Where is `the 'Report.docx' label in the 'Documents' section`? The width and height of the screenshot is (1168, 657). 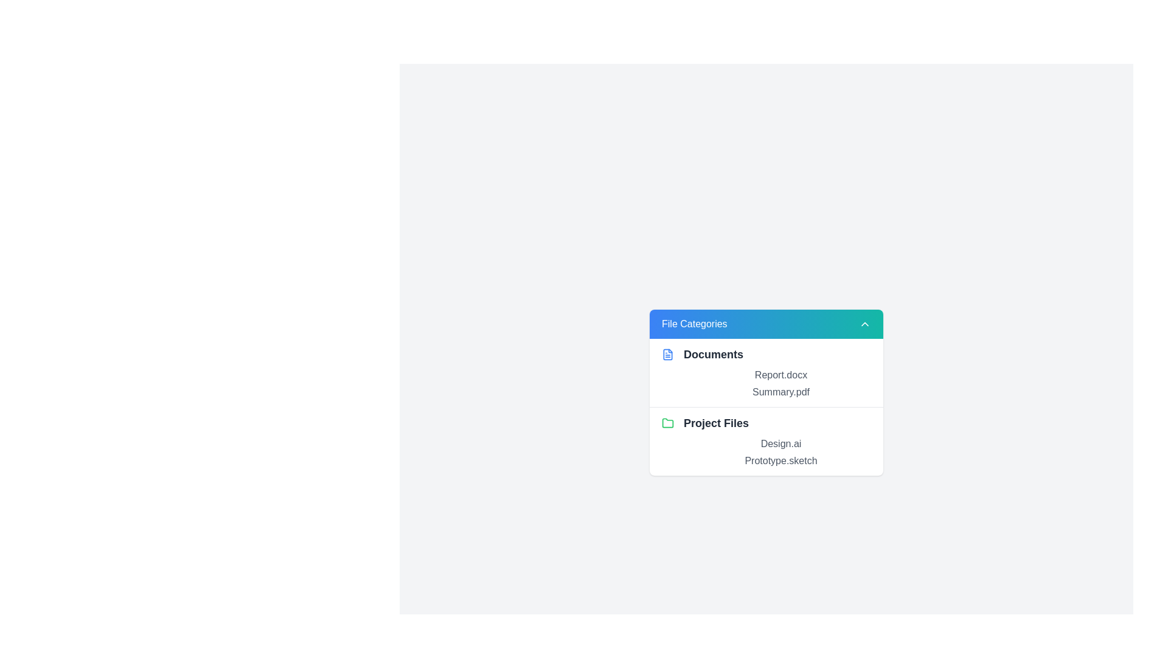 the 'Report.docx' label in the 'Documents' section is located at coordinates (765, 382).